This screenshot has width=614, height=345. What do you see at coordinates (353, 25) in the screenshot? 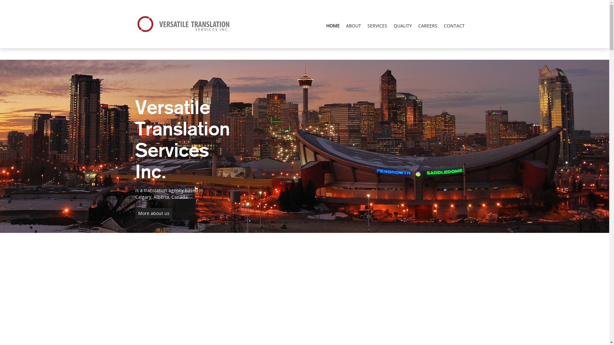
I see `'ABOUT'` at bounding box center [353, 25].